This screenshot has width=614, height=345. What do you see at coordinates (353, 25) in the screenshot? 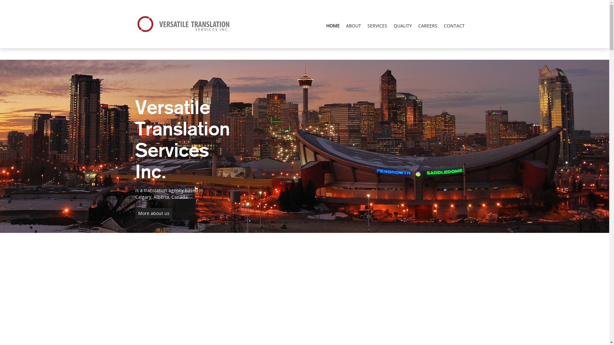
I see `'ABOUT'` at bounding box center [353, 25].